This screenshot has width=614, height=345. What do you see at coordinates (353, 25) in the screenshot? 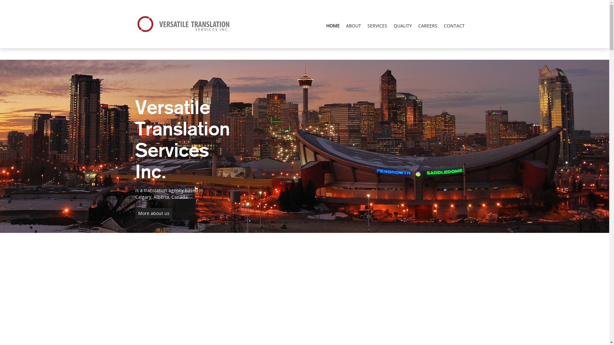
I see `'ABOUT'` at bounding box center [353, 25].